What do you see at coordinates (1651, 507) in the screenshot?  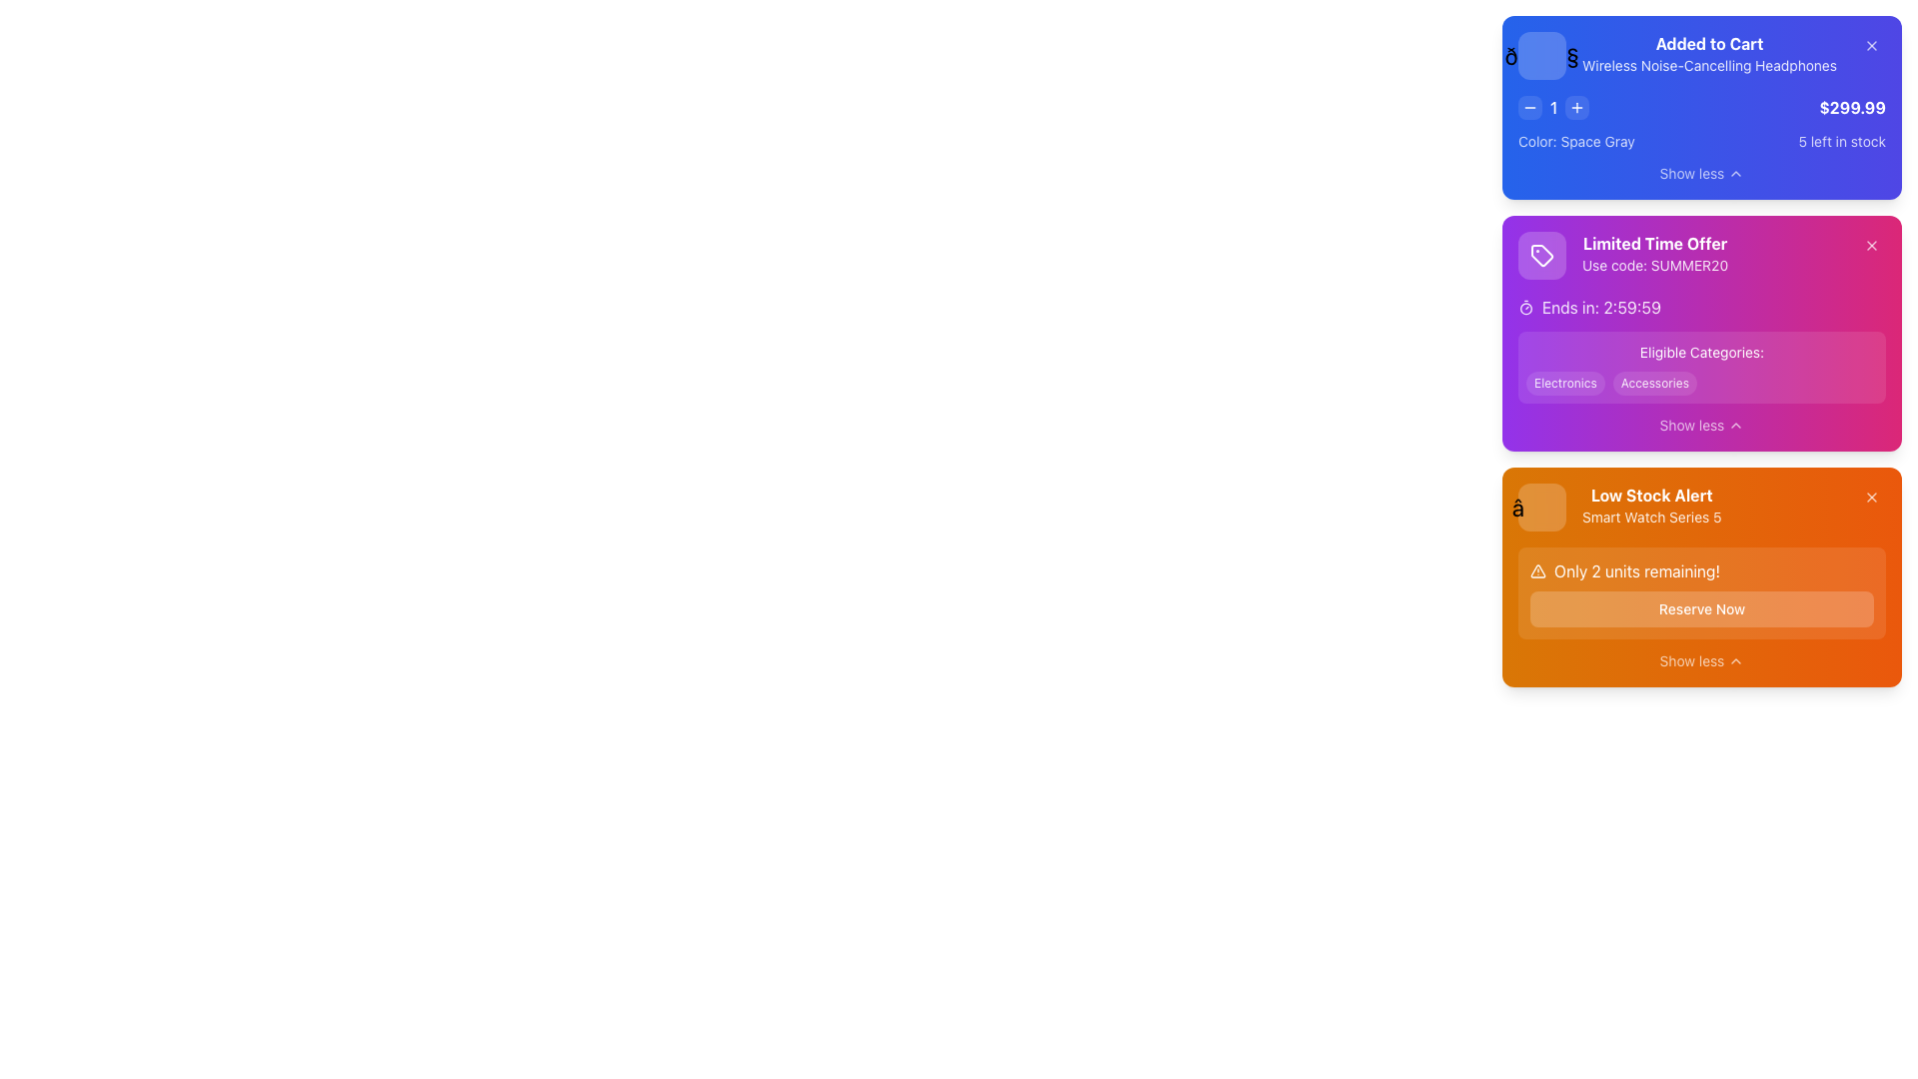 I see `notification text label conveying the low stock status of the 'Smart Watch Series 5', located in the bottommost orange section of the interface` at bounding box center [1651, 507].